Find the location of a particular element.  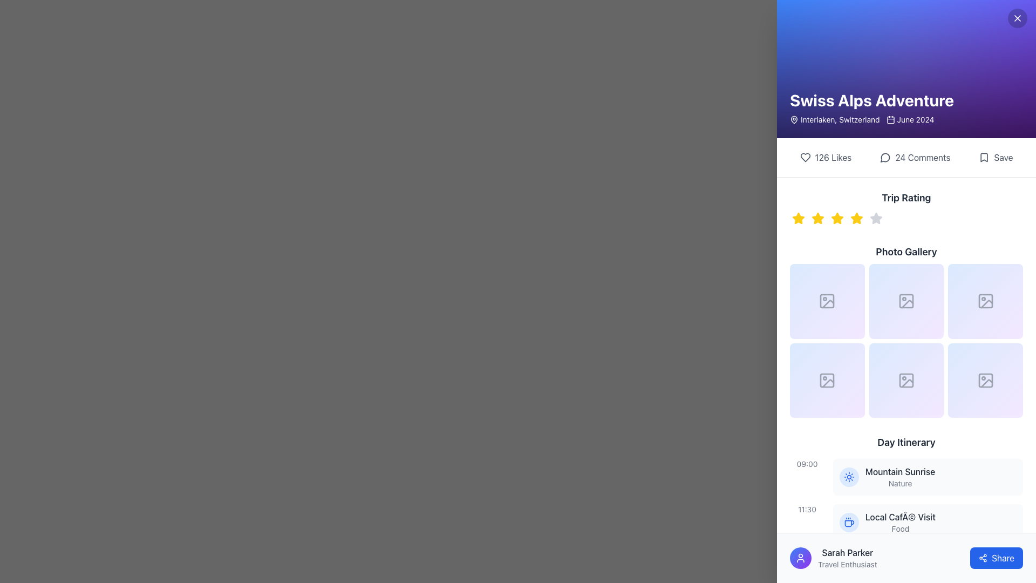

the decorative globe icon within the SVG that enhances the user profile details for 'Sarah Parker' is located at coordinates (849, 567).